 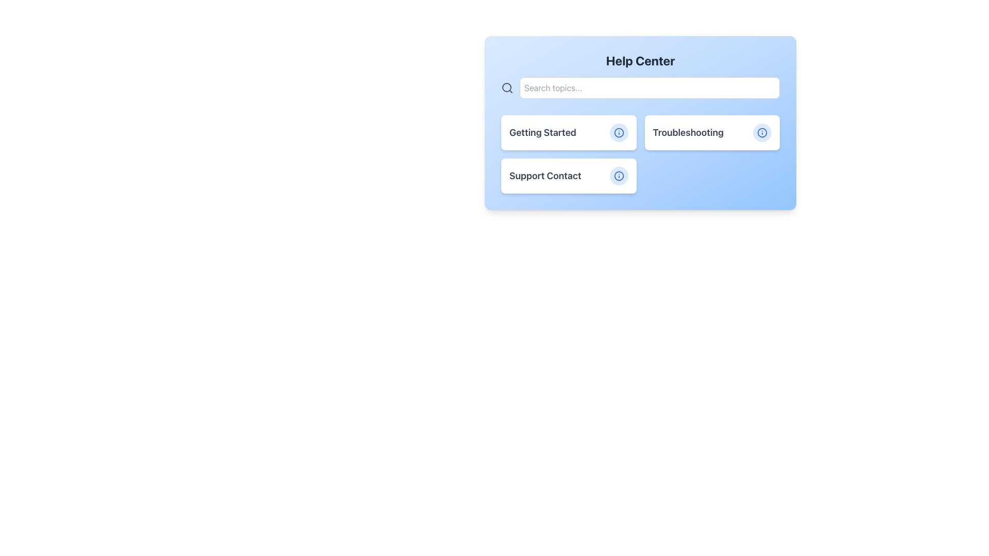 I want to click on the information icon located on the right side of the 'Support Contact' button, which provides additional help details when clicked, so click(x=618, y=176).